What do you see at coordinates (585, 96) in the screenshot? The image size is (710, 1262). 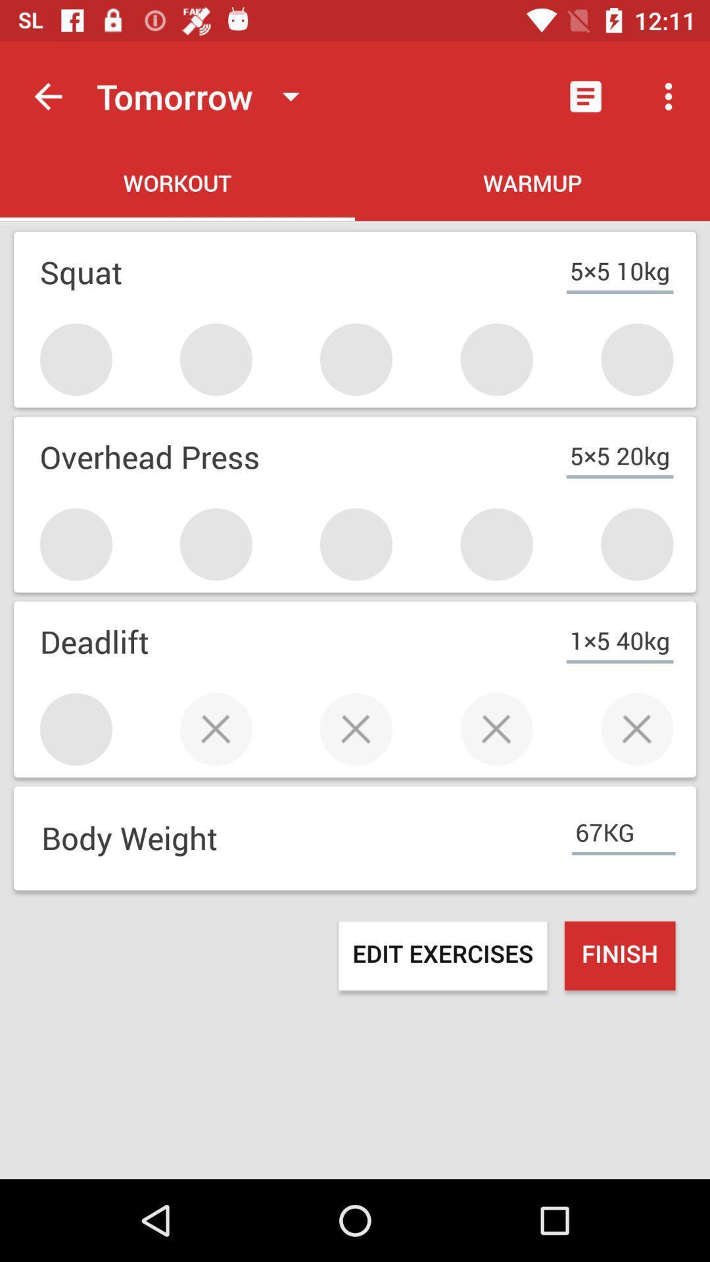 I see `the item next to tomorrow icon` at bounding box center [585, 96].